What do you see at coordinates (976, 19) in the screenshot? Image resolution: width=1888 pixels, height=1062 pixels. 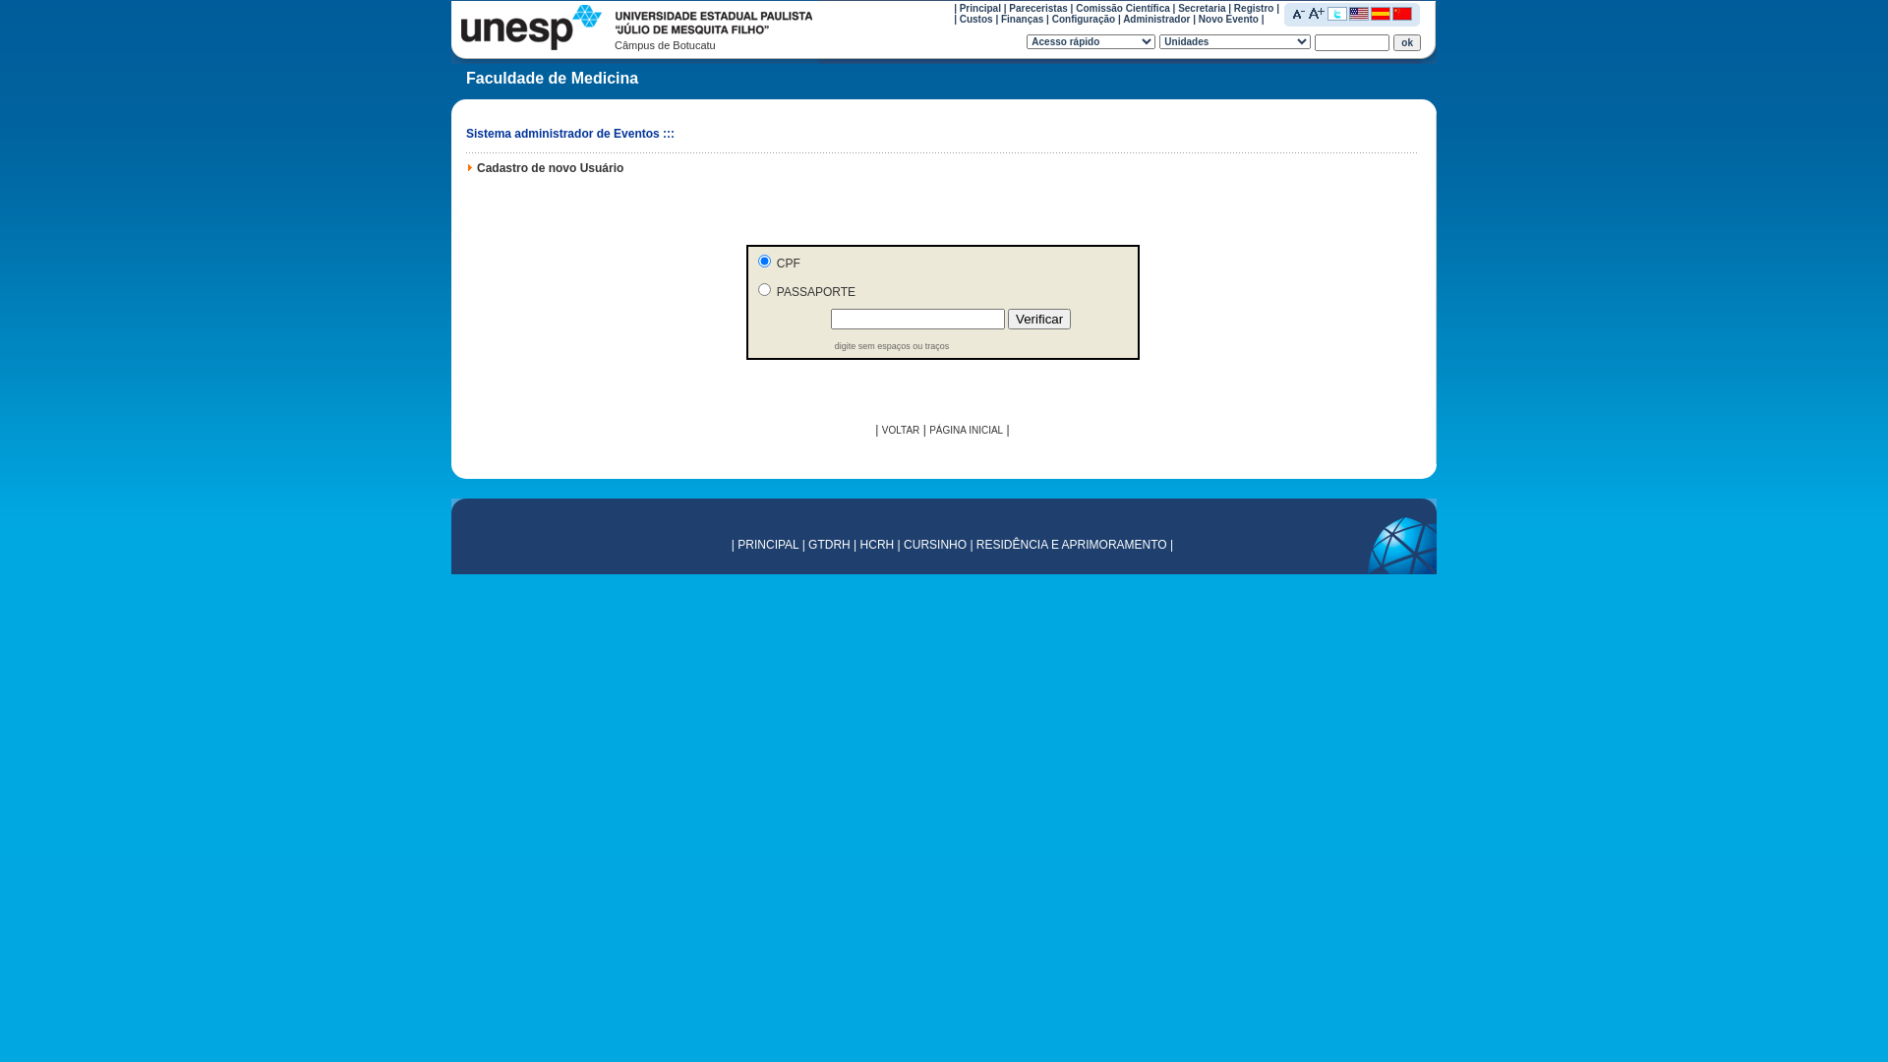 I see `'Custos'` at bounding box center [976, 19].